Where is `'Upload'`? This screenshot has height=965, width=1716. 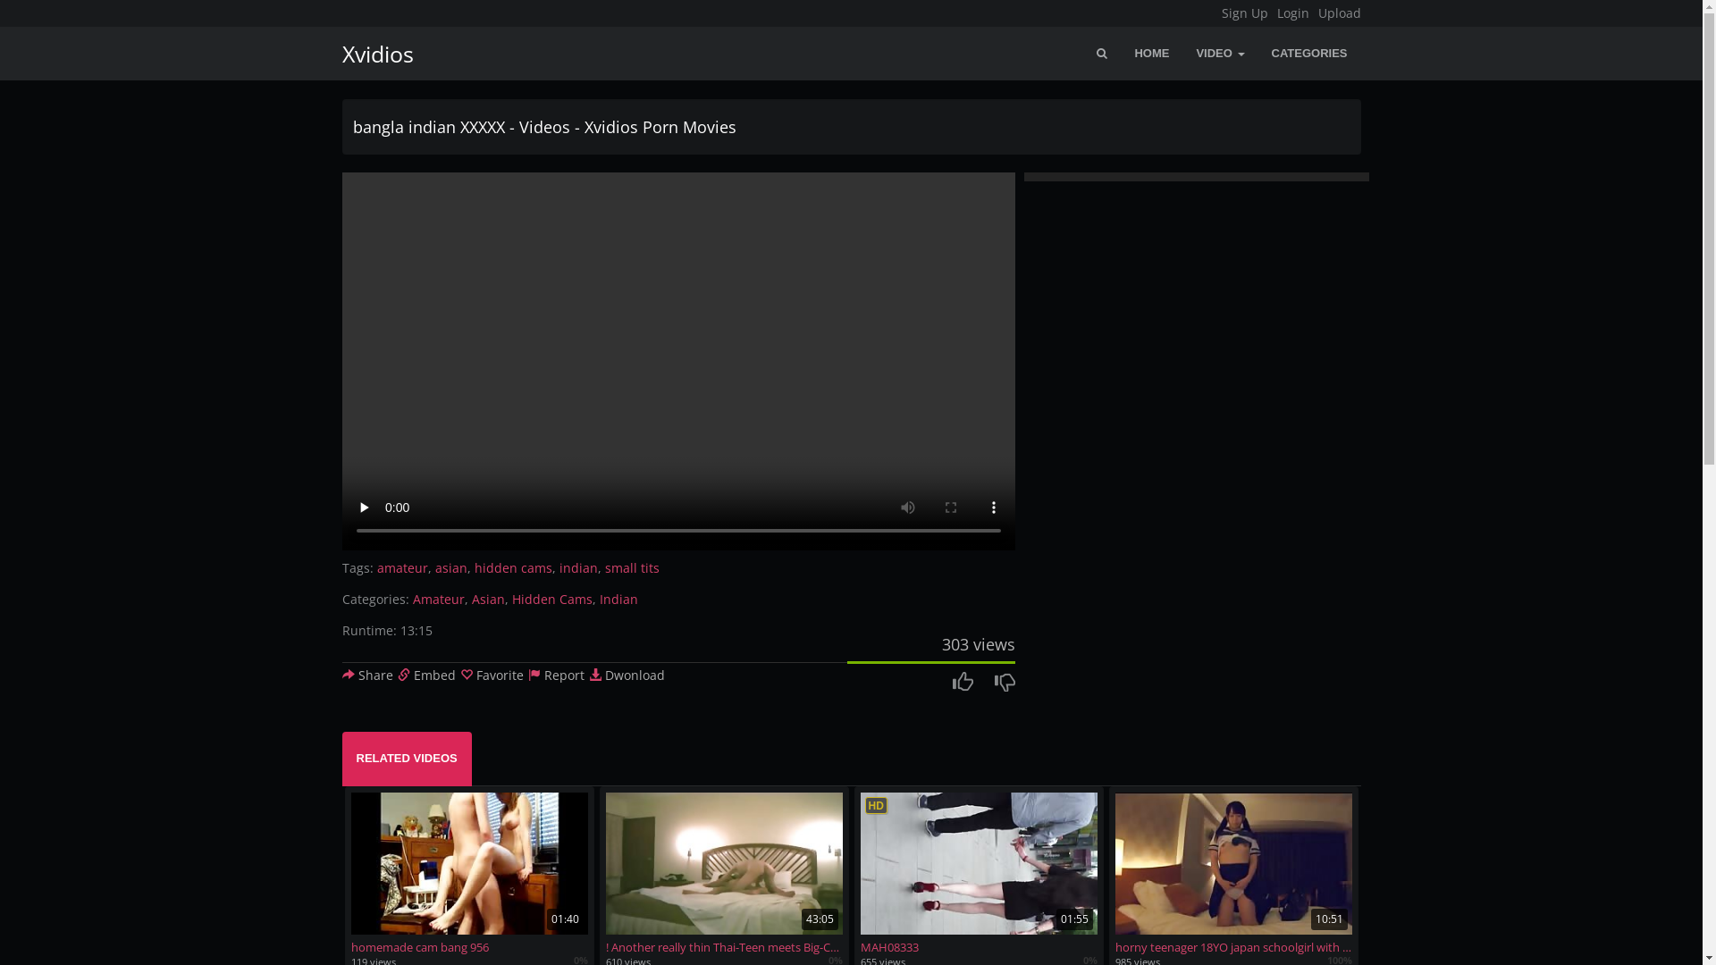
'Upload' is located at coordinates (1338, 13).